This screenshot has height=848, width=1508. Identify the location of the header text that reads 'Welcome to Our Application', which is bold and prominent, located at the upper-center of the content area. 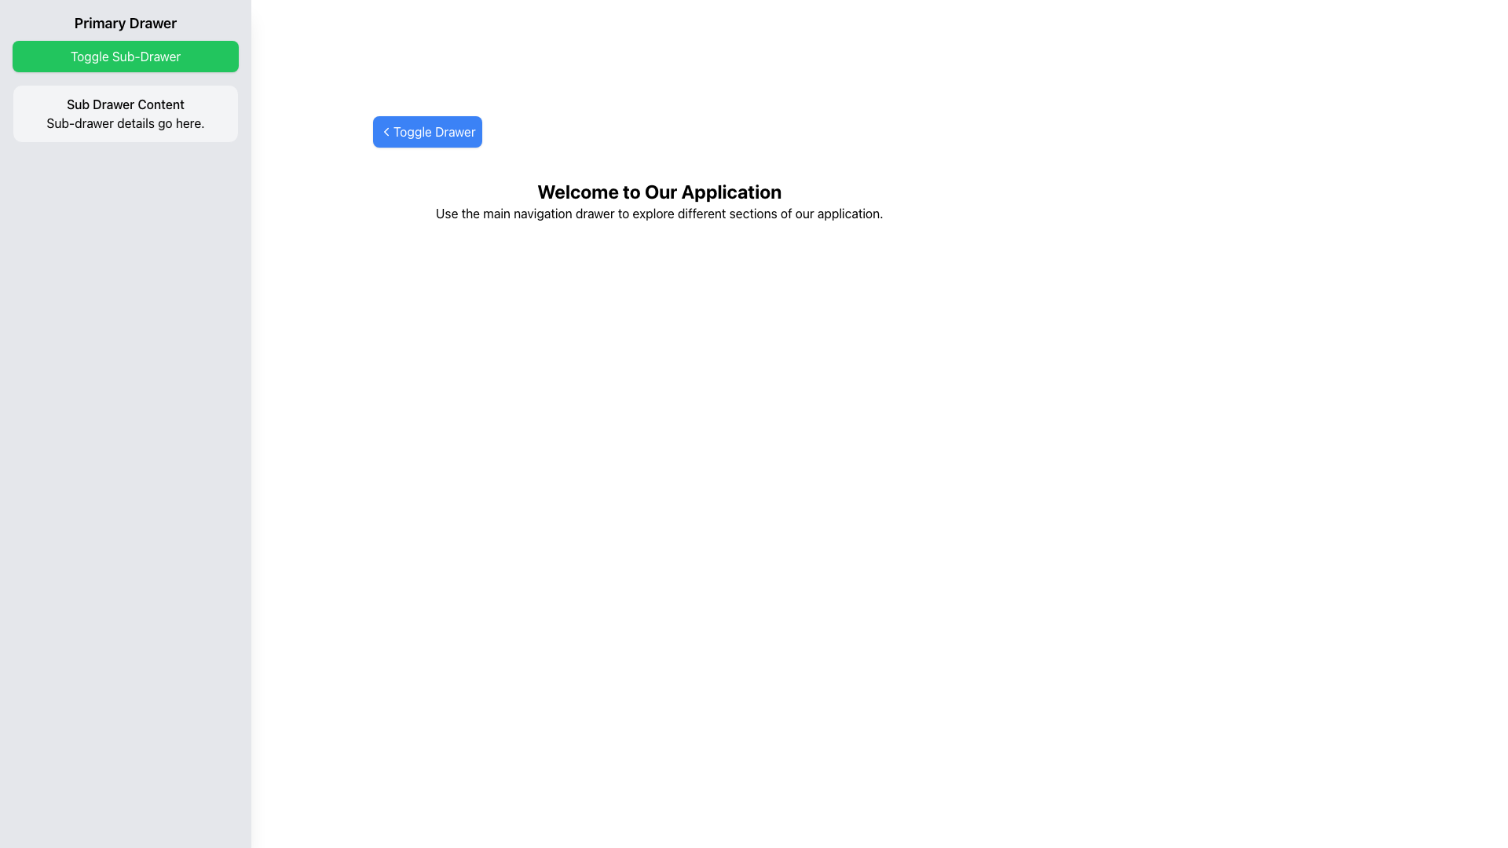
(659, 190).